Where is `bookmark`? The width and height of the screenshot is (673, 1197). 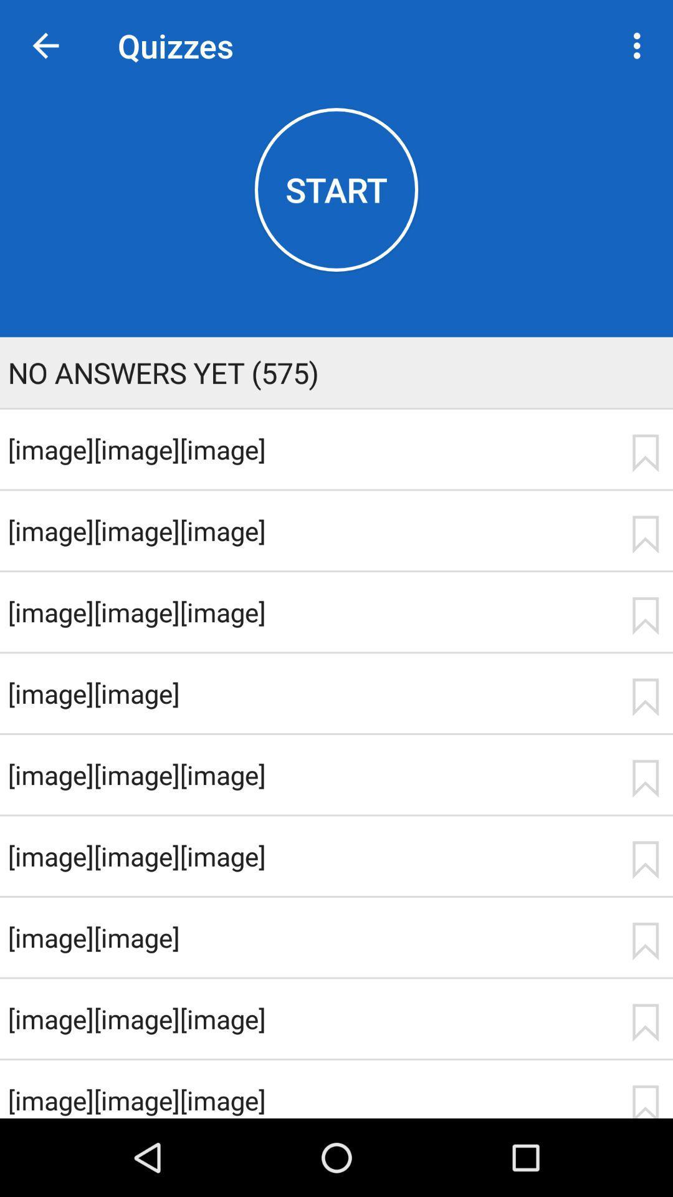 bookmark is located at coordinates (645, 1022).